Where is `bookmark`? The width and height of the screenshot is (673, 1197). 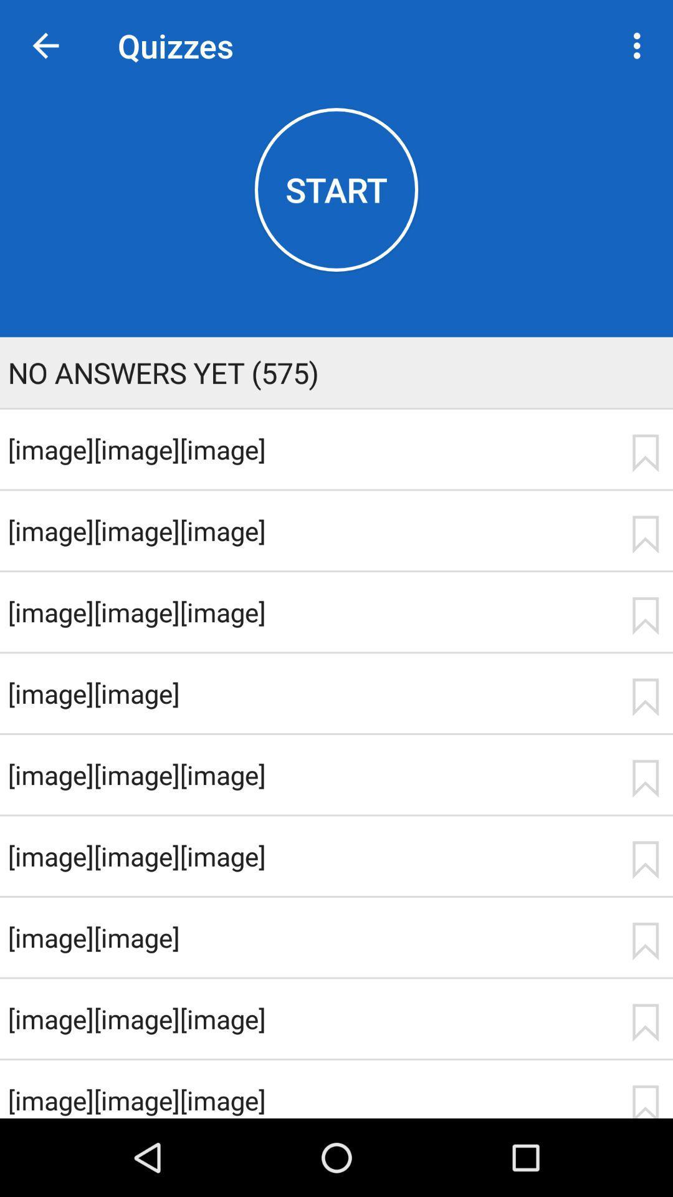 bookmark is located at coordinates (645, 1022).